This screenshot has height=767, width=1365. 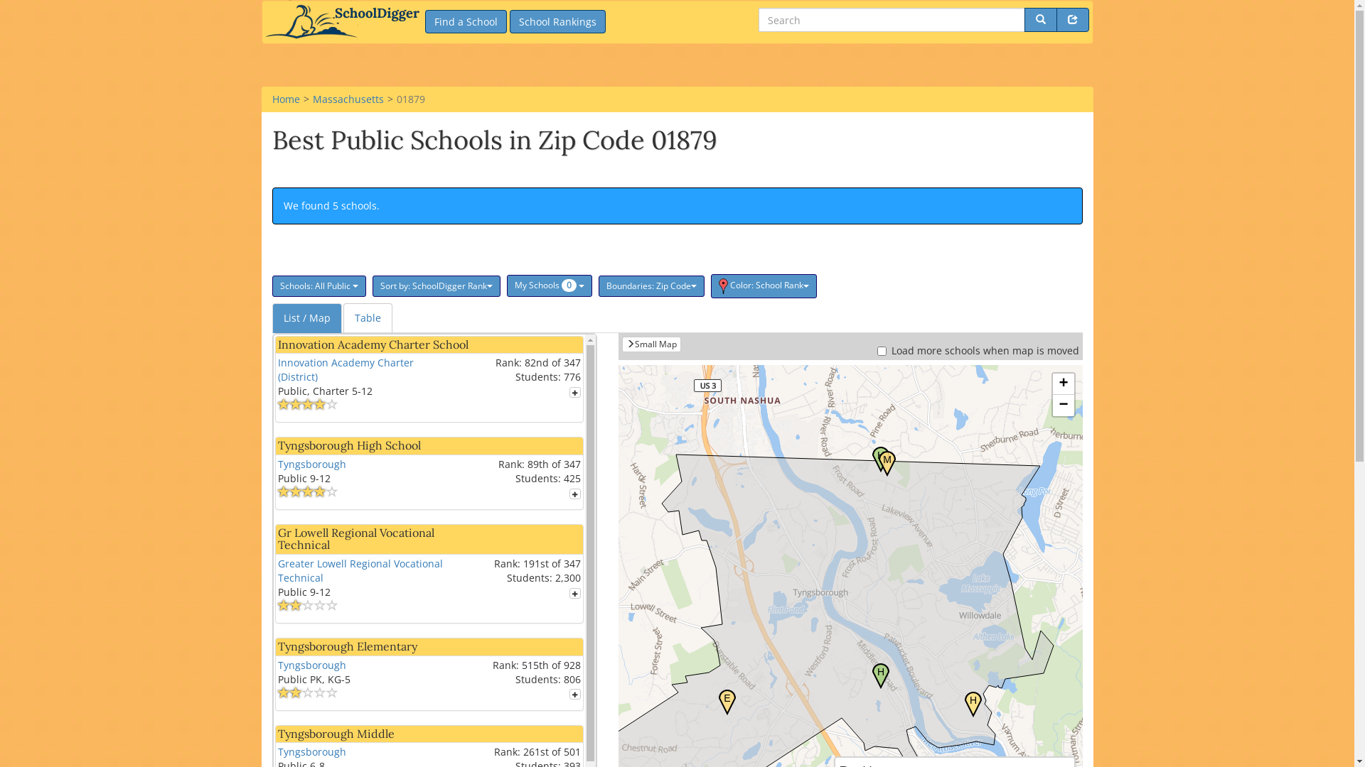 What do you see at coordinates (345, 369) in the screenshot?
I see `'Innovation Academy Charter (District)'` at bounding box center [345, 369].